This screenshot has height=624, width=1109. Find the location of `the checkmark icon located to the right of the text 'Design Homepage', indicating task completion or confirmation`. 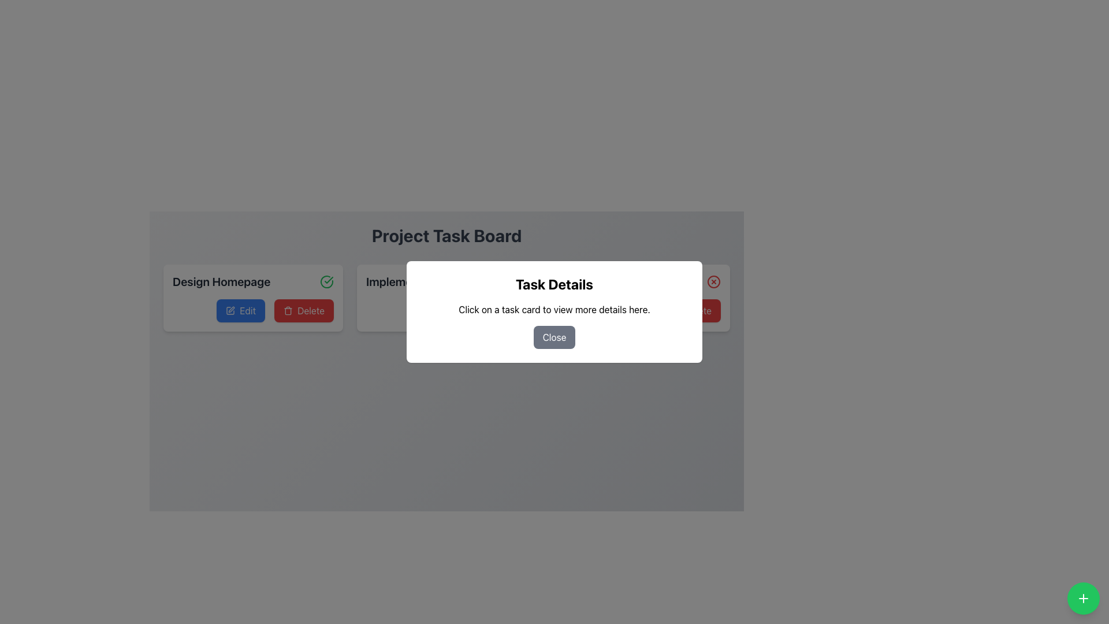

the checkmark icon located to the right of the text 'Design Homepage', indicating task completion or confirmation is located at coordinates (328, 280).